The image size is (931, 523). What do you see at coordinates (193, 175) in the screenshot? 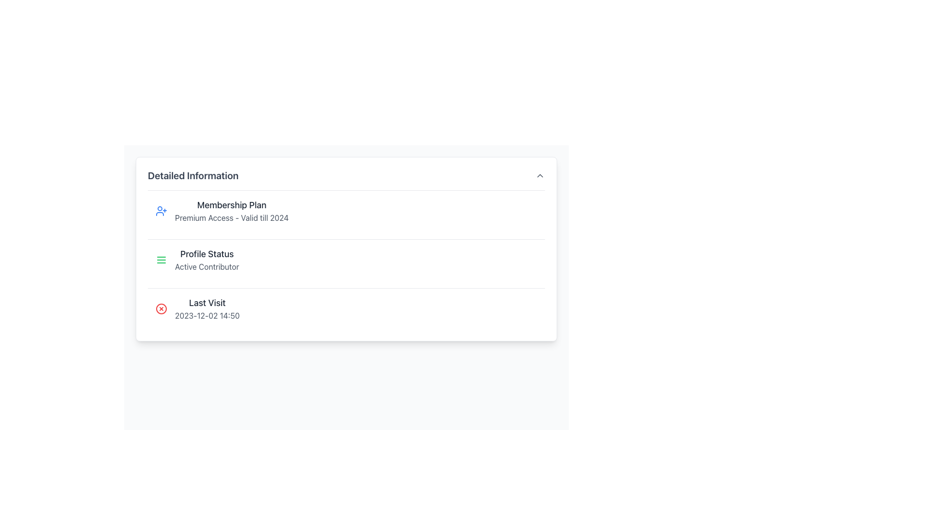
I see `the 'Detailed Information' text label at the top of the card section, which is styled in a large, bold font and is dark gray in color` at bounding box center [193, 175].